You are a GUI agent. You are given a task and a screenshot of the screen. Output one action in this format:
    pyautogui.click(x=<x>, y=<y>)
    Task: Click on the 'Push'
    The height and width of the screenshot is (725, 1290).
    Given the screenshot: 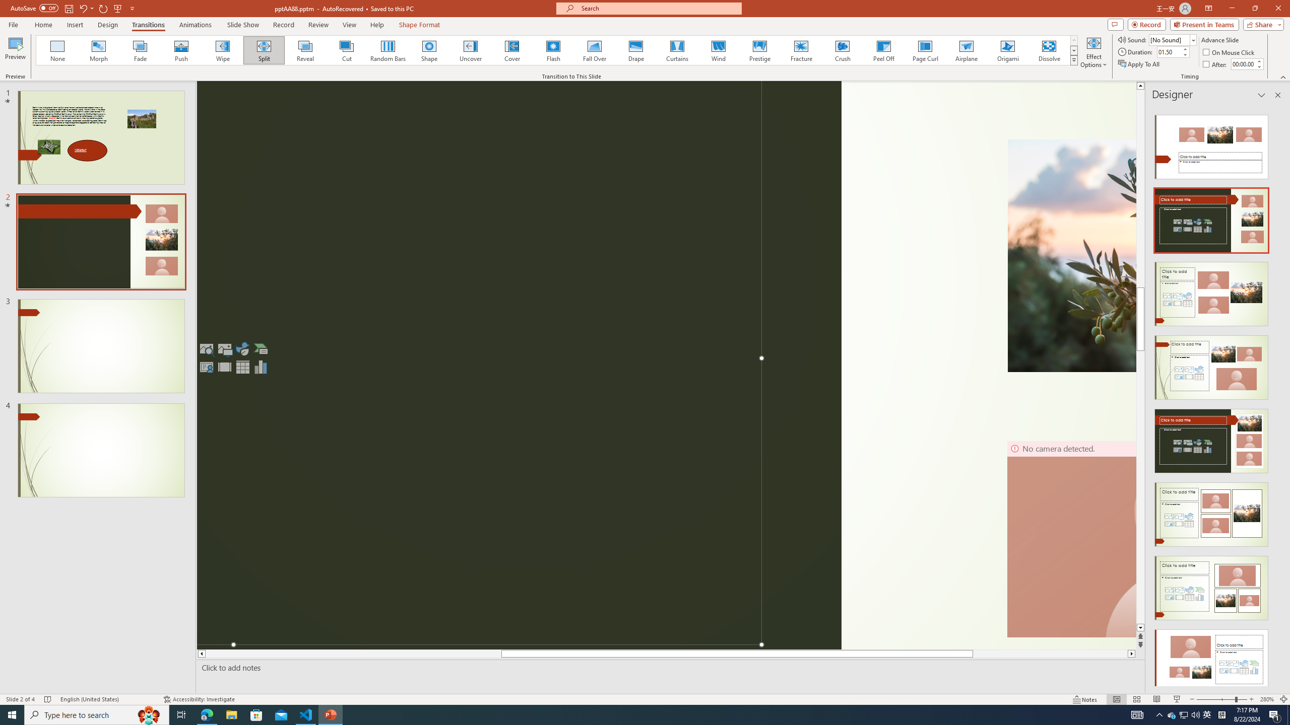 What is the action you would take?
    pyautogui.click(x=181, y=50)
    